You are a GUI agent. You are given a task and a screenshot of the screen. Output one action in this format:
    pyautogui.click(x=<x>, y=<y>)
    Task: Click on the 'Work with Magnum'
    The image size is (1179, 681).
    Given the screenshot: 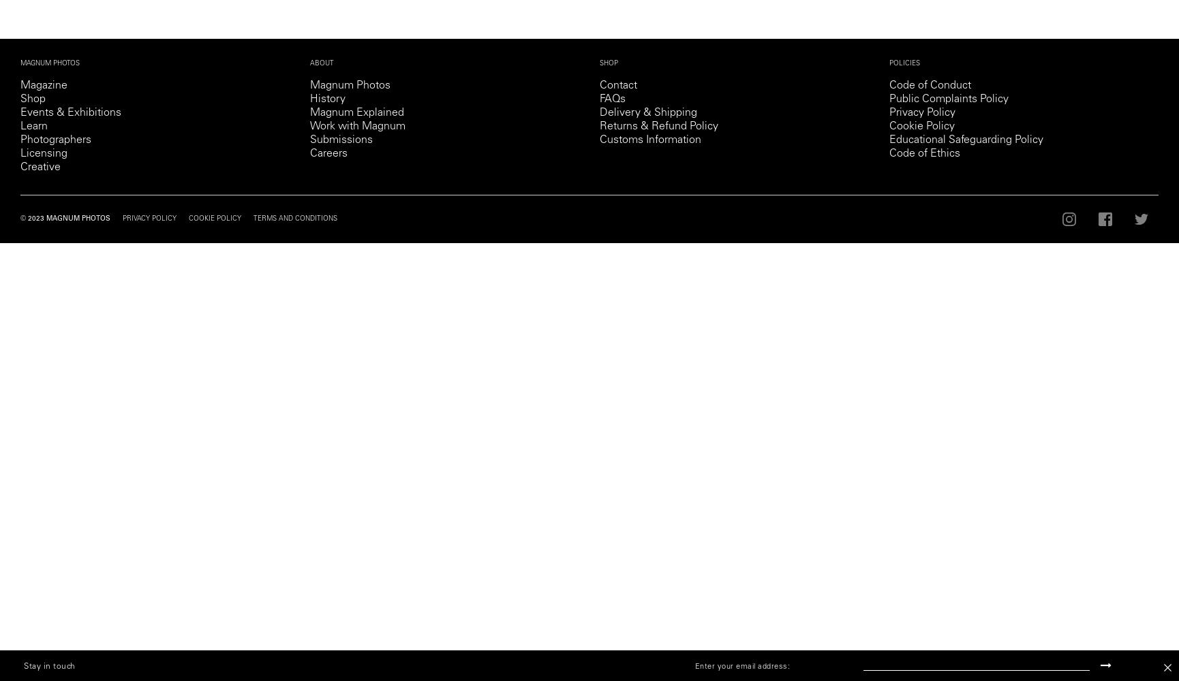 What is the action you would take?
    pyautogui.click(x=357, y=127)
    